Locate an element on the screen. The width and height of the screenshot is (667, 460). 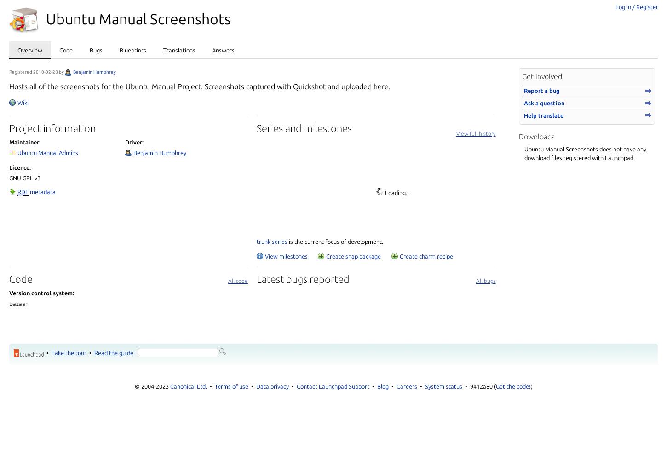
'Translations' is located at coordinates (178, 49).